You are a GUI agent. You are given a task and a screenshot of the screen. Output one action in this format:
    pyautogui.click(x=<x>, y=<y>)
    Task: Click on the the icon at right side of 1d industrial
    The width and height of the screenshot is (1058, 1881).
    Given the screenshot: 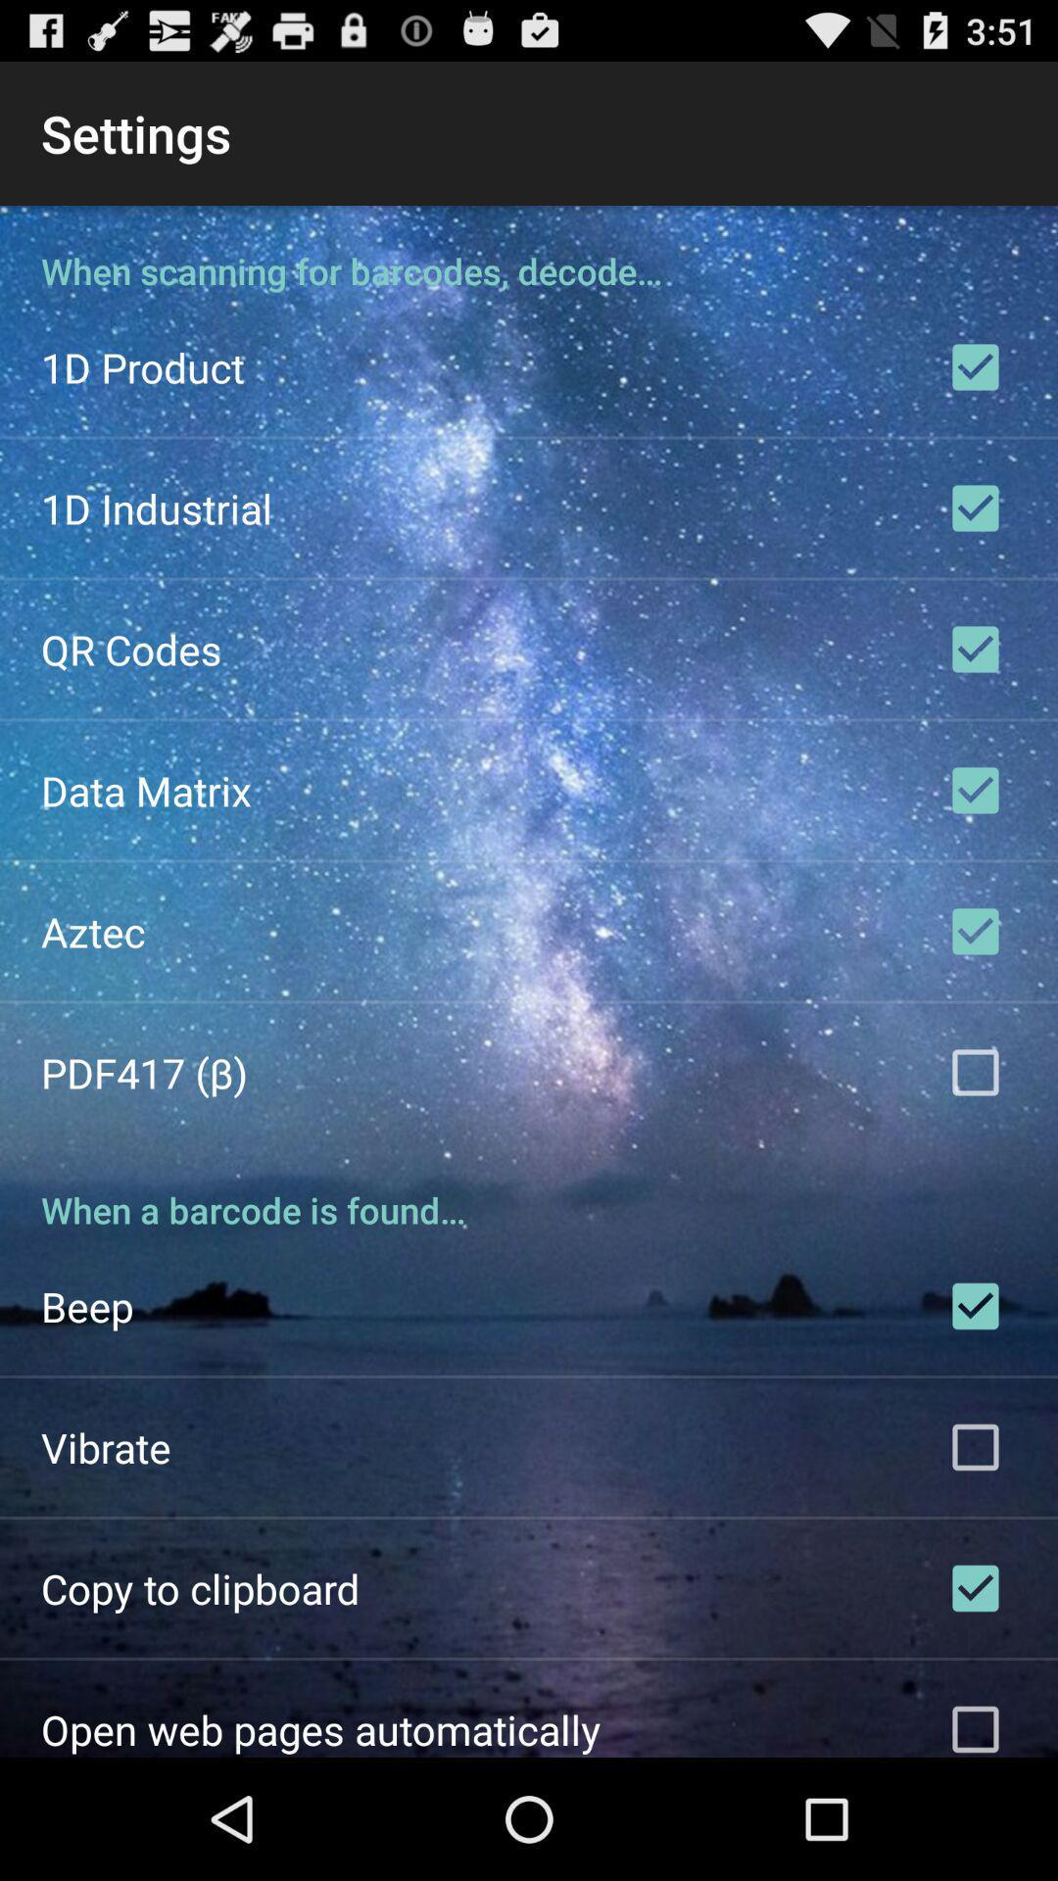 What is the action you would take?
    pyautogui.click(x=975, y=507)
    